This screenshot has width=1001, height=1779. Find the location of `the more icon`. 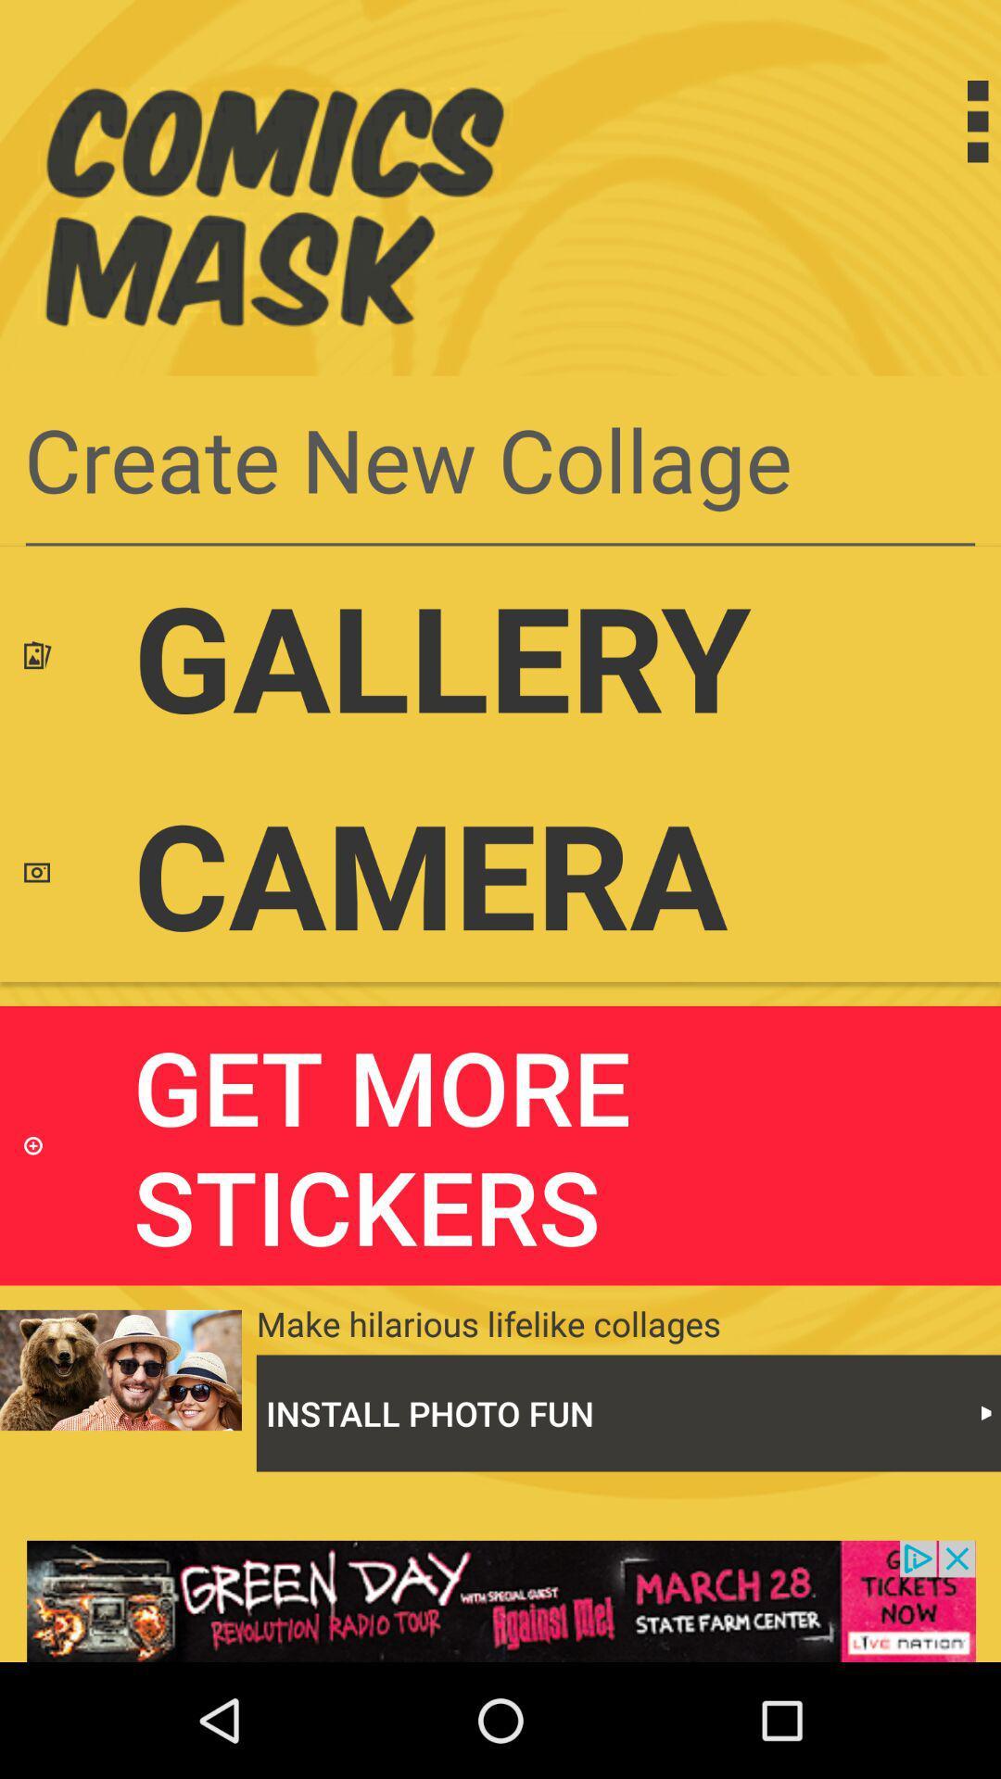

the more icon is located at coordinates (940, 120).